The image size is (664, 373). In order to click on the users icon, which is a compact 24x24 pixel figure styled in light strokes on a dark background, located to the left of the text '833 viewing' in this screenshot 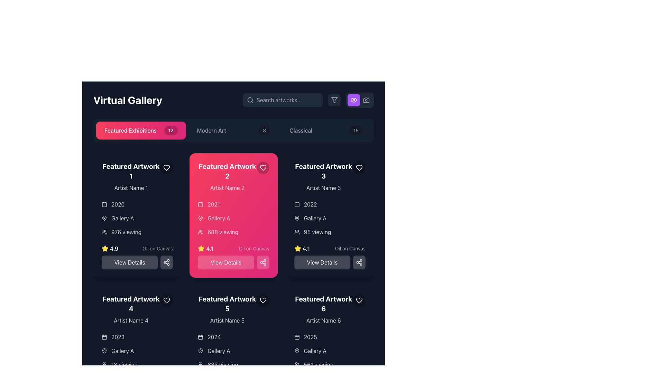, I will do `click(200, 364)`.